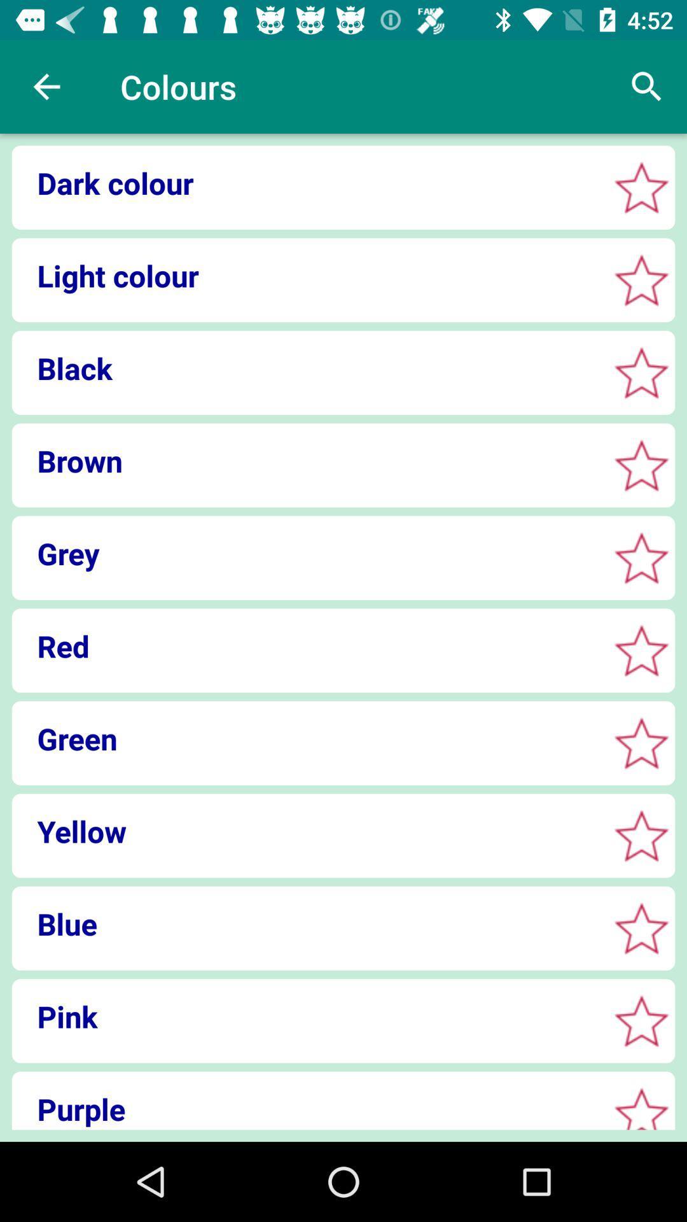 The image size is (687, 1222). I want to click on icon above the light colour, so click(306, 182).